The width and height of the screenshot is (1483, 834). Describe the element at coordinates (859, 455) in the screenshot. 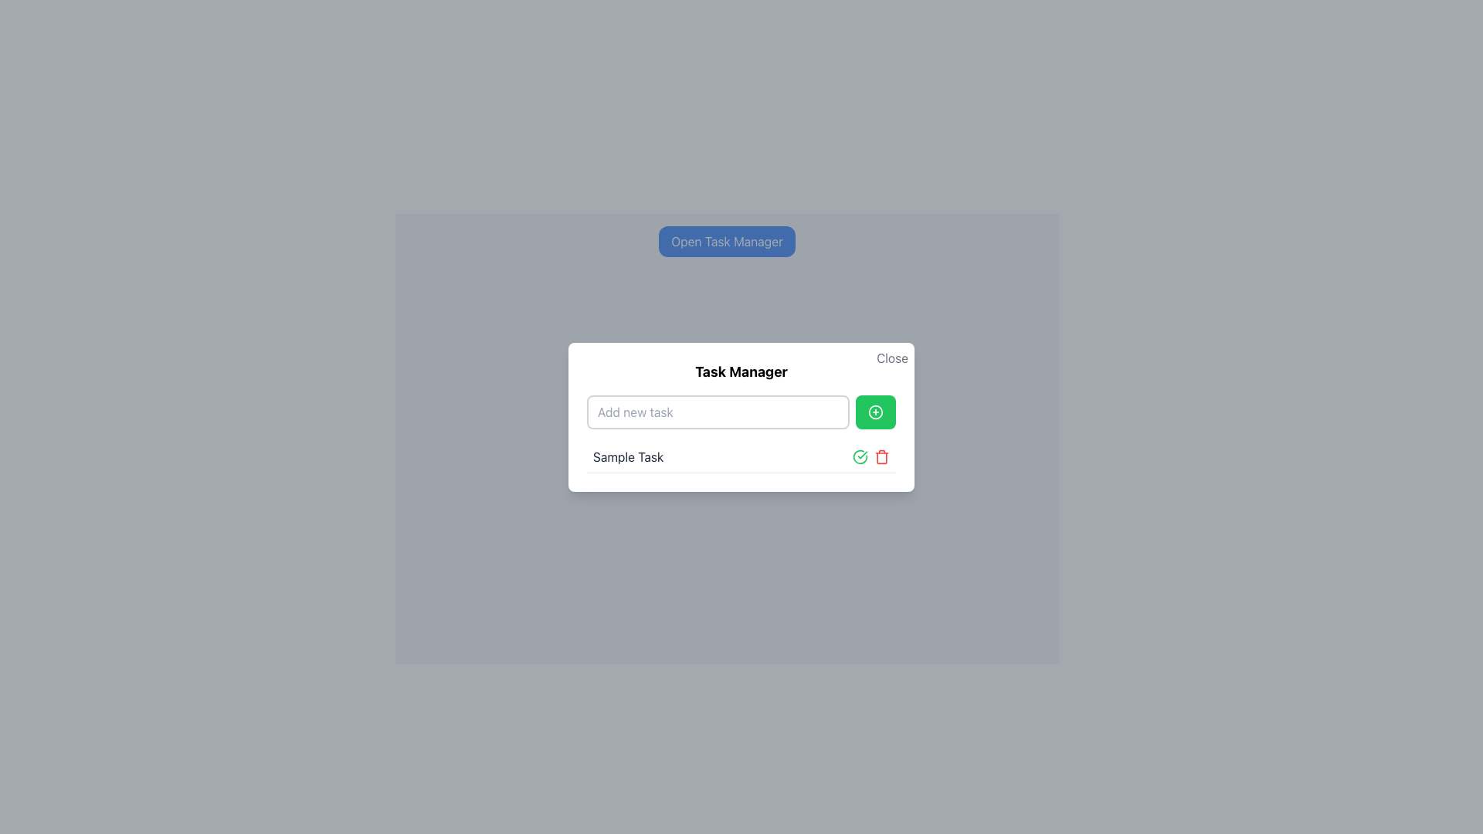

I see `the green circular confirmation icon with a check mark located to the right of the input field for adding new tasks in the task manager interface` at that location.